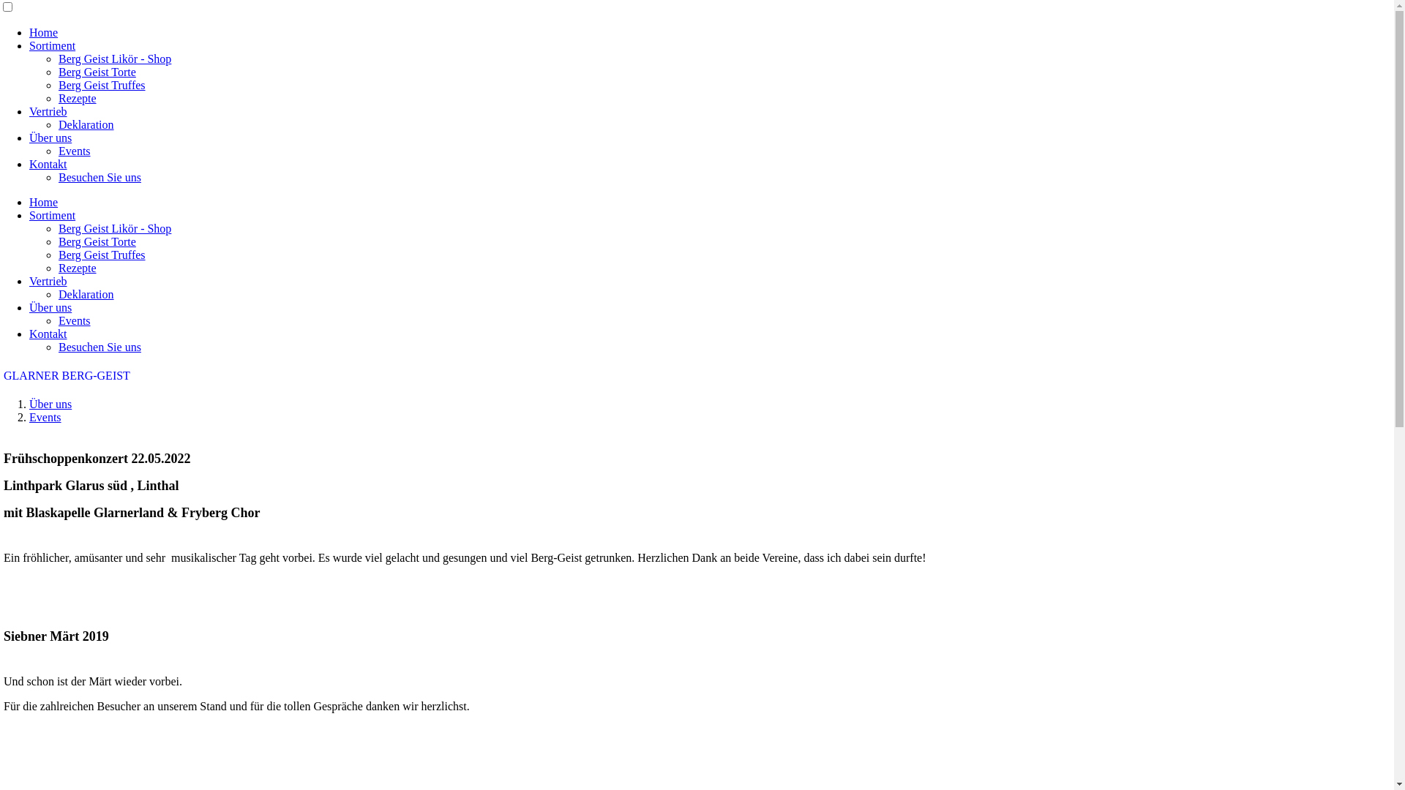 The width and height of the screenshot is (1405, 790). I want to click on 'Events', so click(45, 417).